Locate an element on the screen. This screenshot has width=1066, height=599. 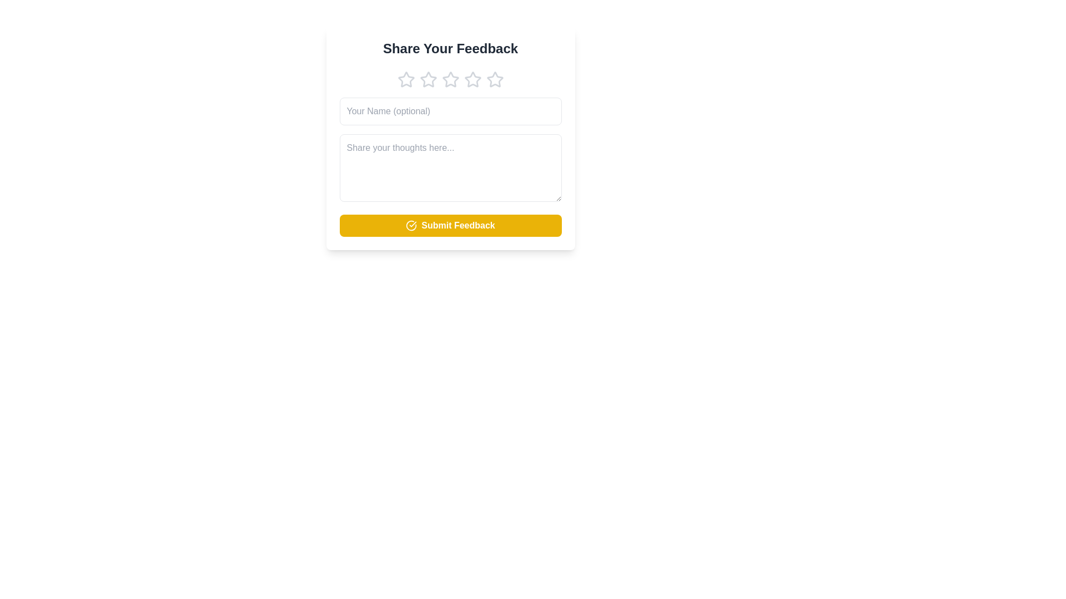
the decorative visual element within the Submit Feedback button's icon is located at coordinates (411, 225).